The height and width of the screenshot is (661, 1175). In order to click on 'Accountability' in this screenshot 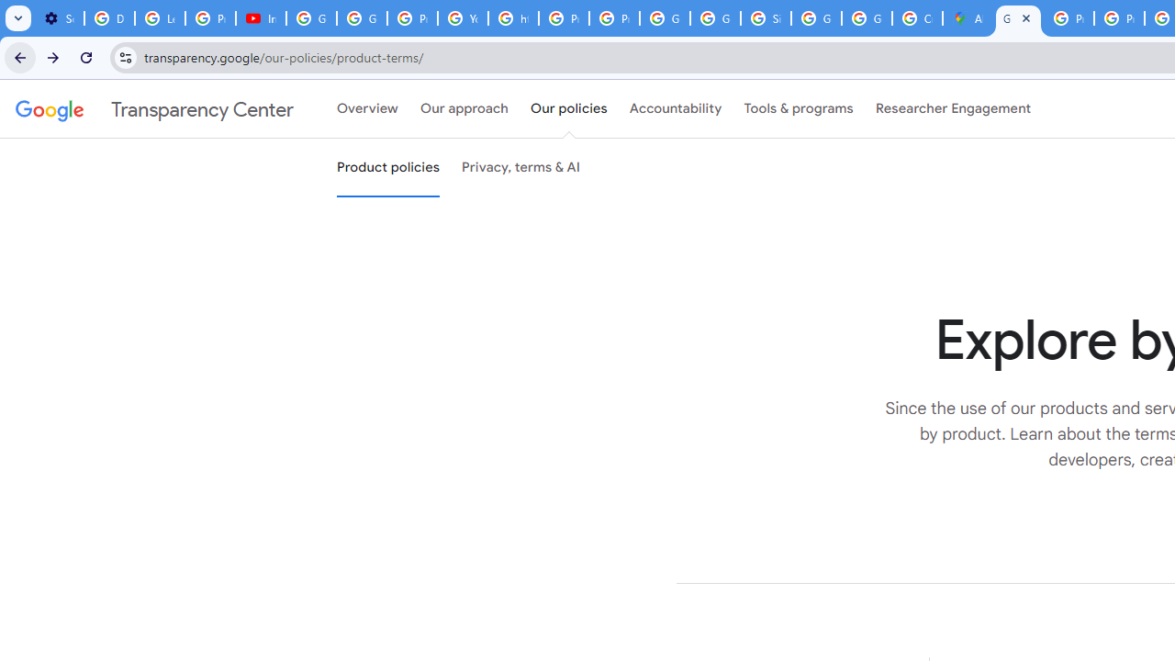, I will do `click(675, 109)`.